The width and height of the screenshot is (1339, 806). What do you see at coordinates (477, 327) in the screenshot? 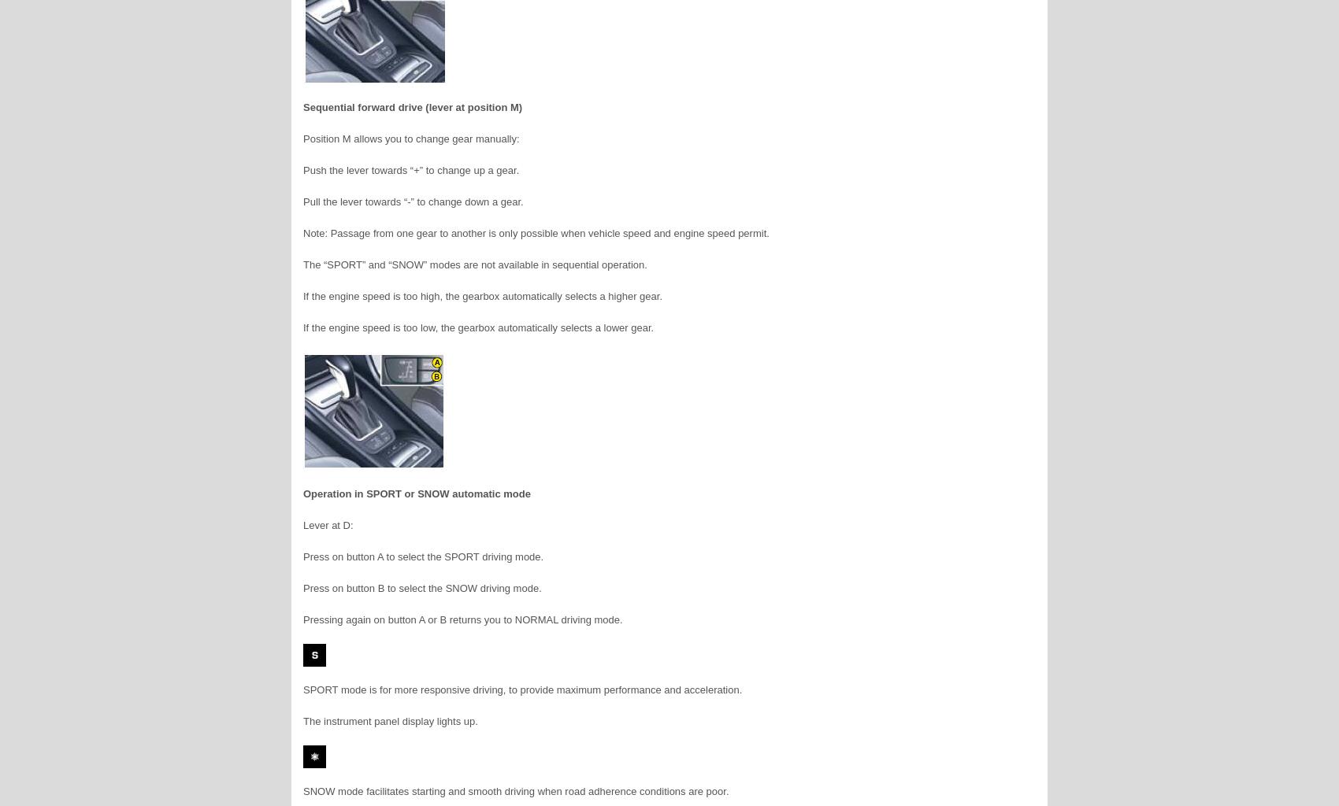
I see `'If the engine speed is too low, the gearbox automatically selects a lower gear.'` at bounding box center [477, 327].